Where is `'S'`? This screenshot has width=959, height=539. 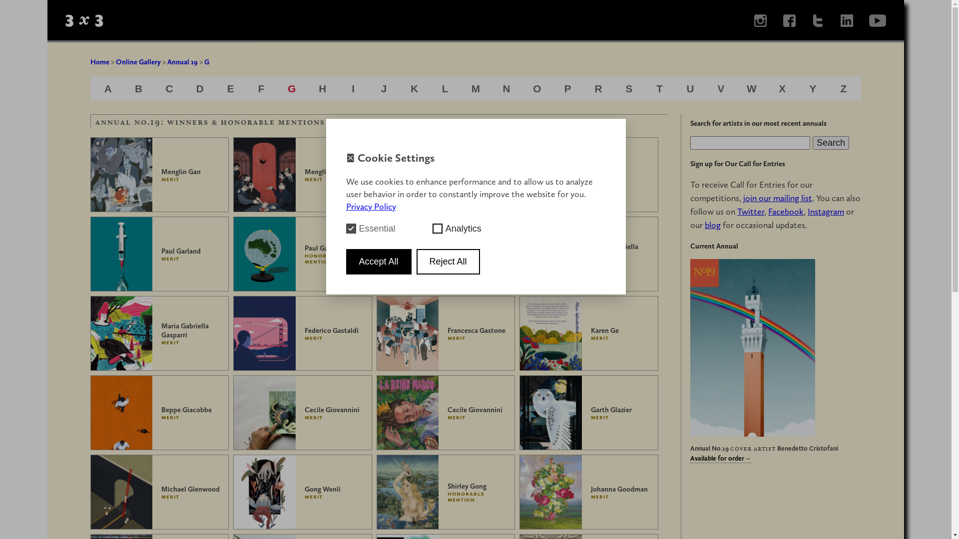 'S' is located at coordinates (628, 88).